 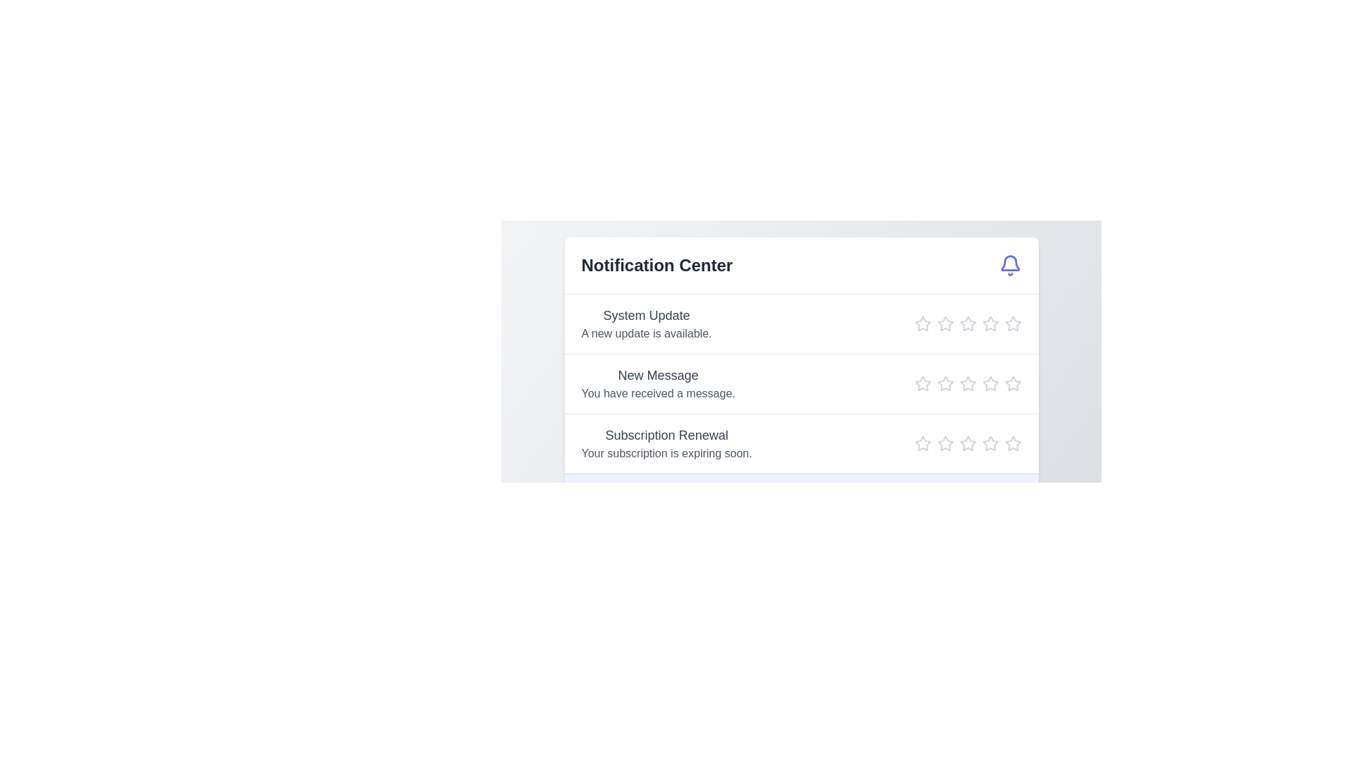 What do you see at coordinates (967, 443) in the screenshot?
I see `the star icon to set the rating to 3 for the notification titled 'Subscription Renewal'` at bounding box center [967, 443].